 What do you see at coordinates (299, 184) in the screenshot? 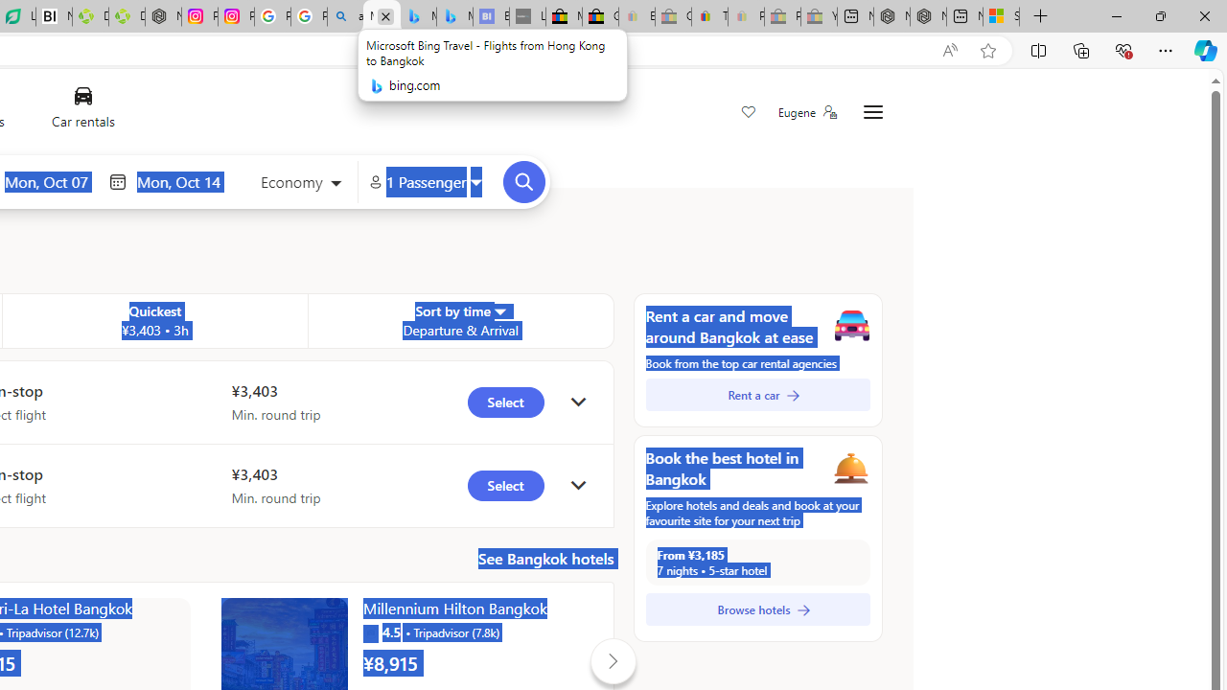
I see `'Select class of service'` at bounding box center [299, 184].